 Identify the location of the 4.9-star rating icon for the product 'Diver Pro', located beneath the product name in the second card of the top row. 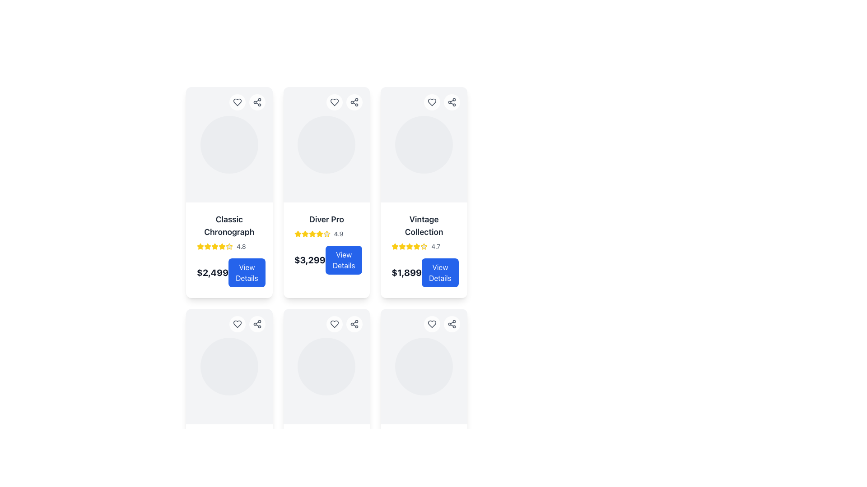
(319, 233).